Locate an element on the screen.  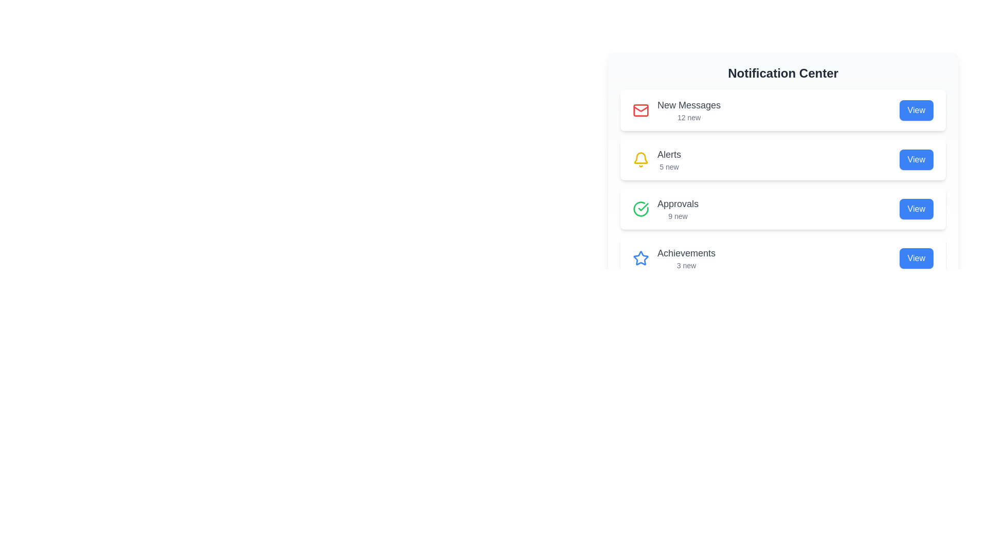
'Achievements' notification entry displaying '3 new items' located in the Notification Center, which is the fourth item in the list is located at coordinates (782, 257).